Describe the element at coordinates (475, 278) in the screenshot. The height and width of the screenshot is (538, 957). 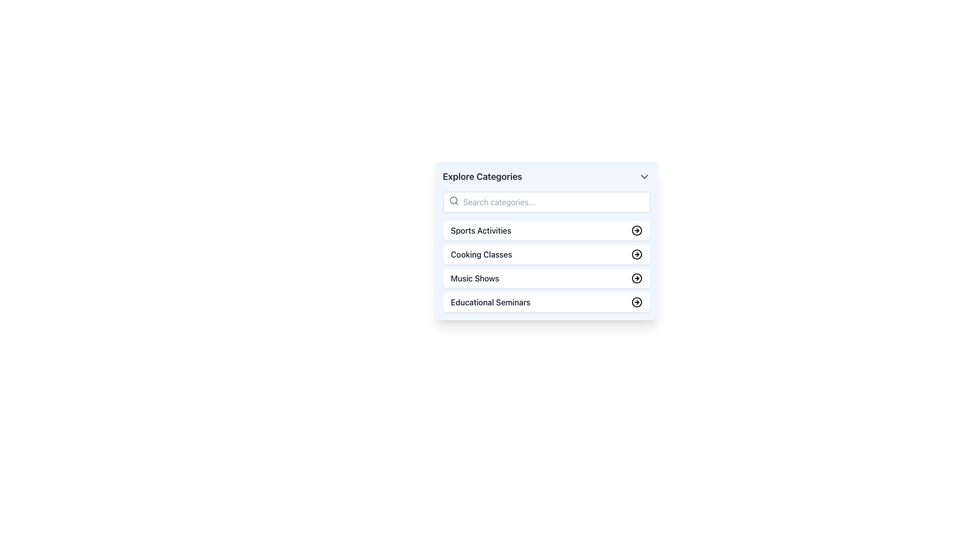
I see `the 'Music Shows' text label in the 'Explore Categories' list, which is the third card located between 'Cooking Classes' and 'Educational Seminars'` at that location.